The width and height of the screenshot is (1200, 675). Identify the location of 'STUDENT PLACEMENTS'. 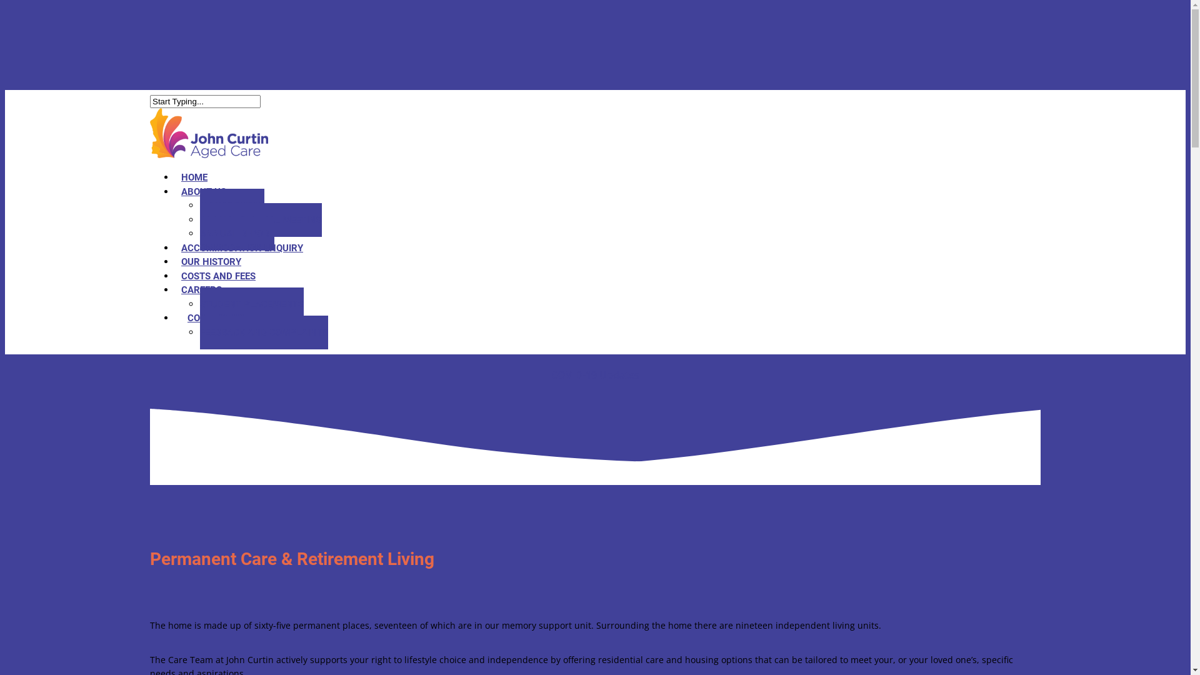
(251, 304).